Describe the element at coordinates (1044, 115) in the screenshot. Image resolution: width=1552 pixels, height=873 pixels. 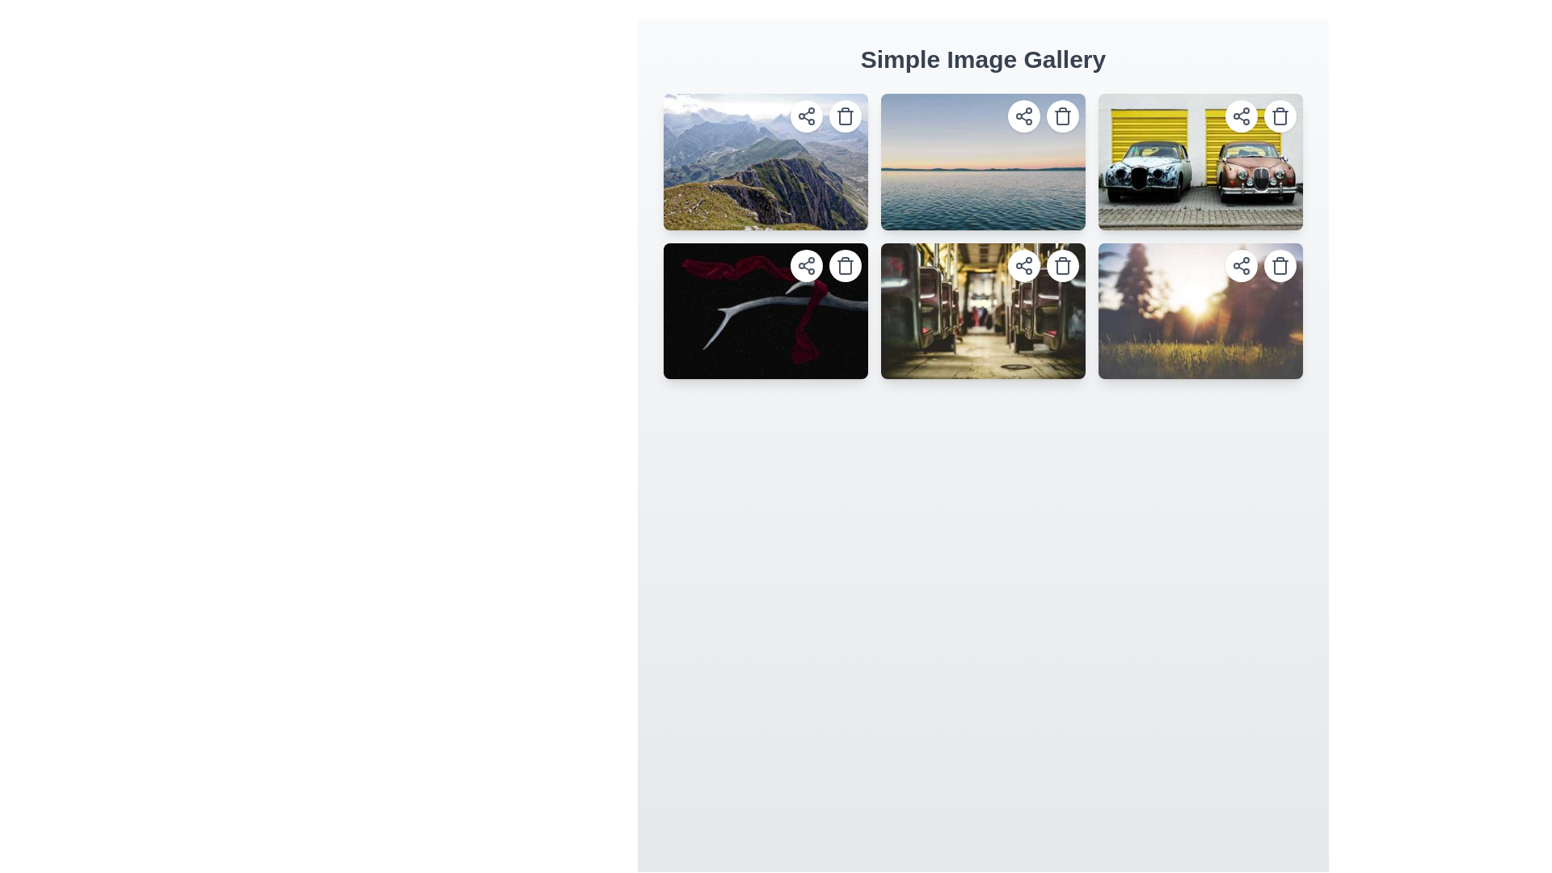
I see `the share button represented by an icon of three interconnected circles, located at the top-right corner of the second image in the gallery grid` at that location.